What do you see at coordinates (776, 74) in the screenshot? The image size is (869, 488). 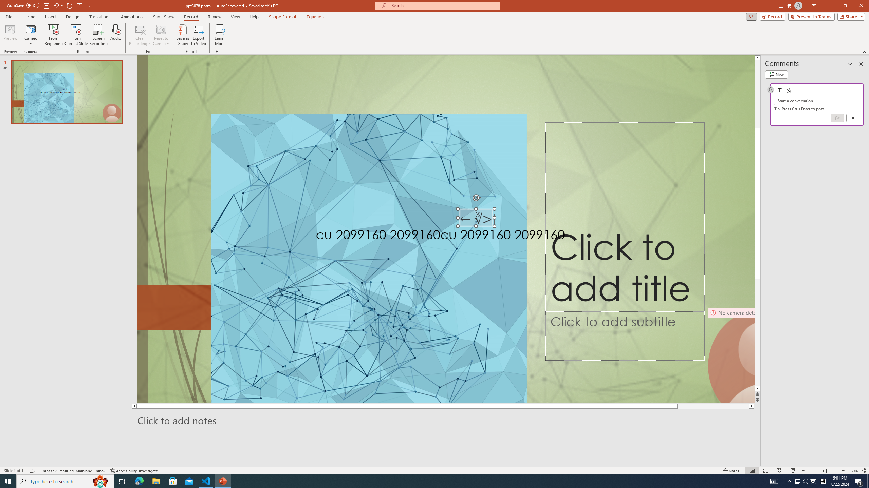 I see `'New comment'` at bounding box center [776, 74].